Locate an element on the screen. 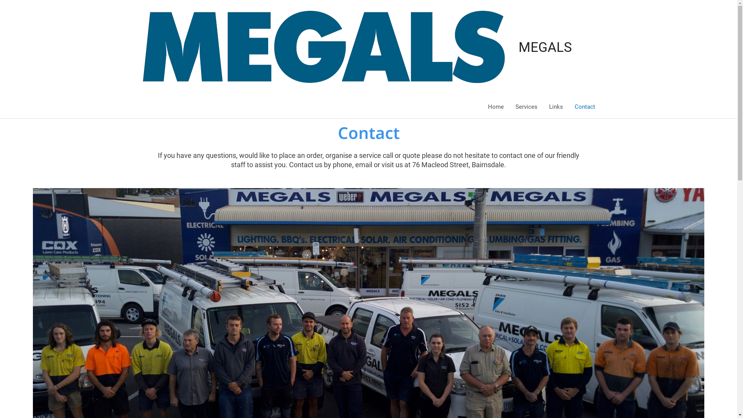 This screenshot has height=418, width=743. 'Home' is located at coordinates (482, 107).